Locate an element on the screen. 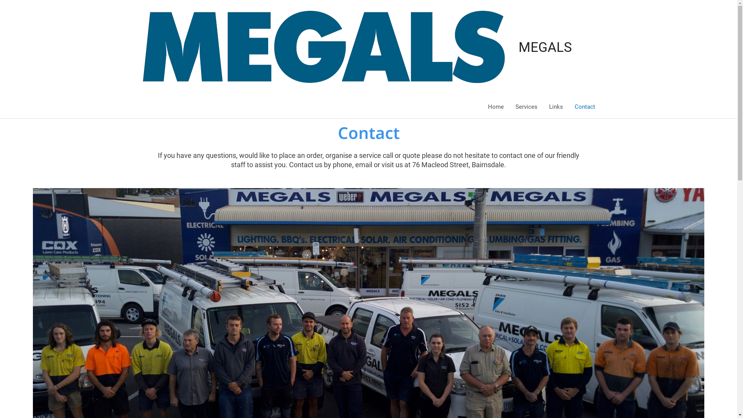 This screenshot has height=418, width=743. 'Home' is located at coordinates (482, 107).